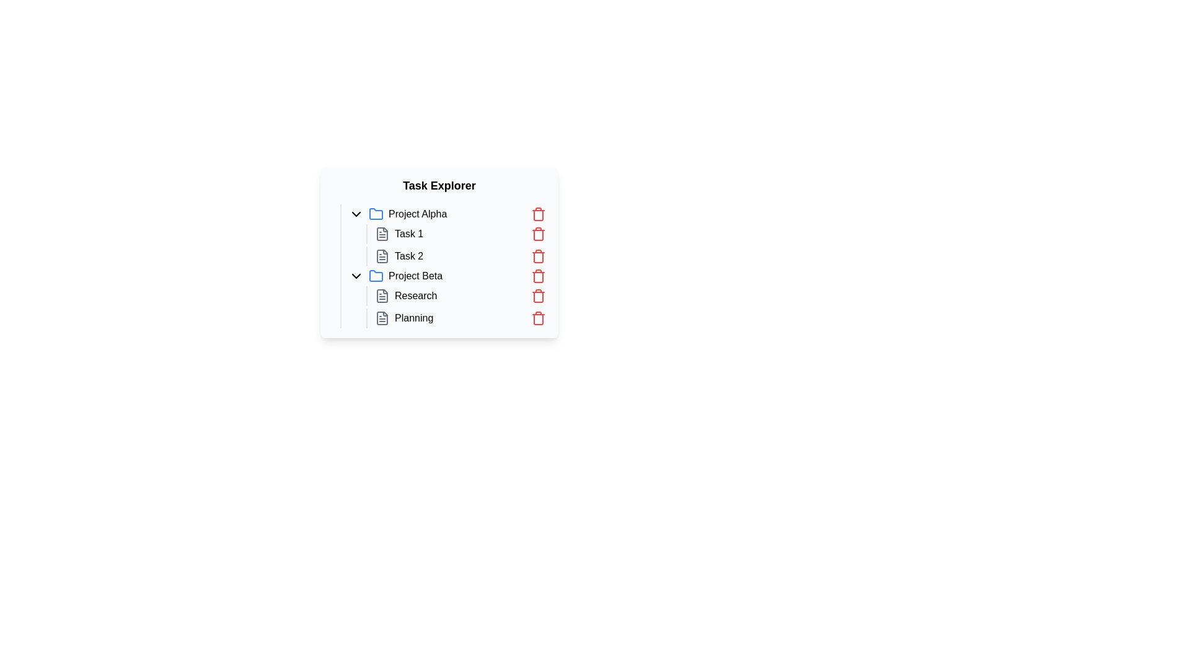  Describe the element at coordinates (375, 275) in the screenshot. I see `the blue folder icon representing 'Project Beta' in the Task Explorer section` at that location.